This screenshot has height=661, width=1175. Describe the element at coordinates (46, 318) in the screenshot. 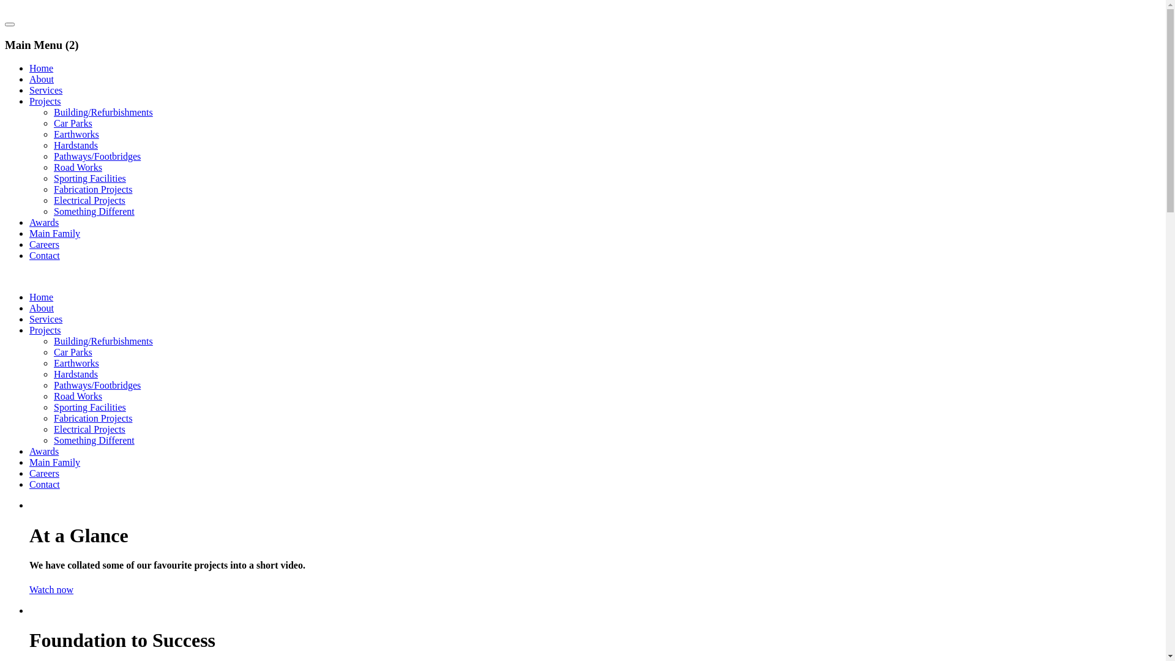

I see `'Services'` at that location.